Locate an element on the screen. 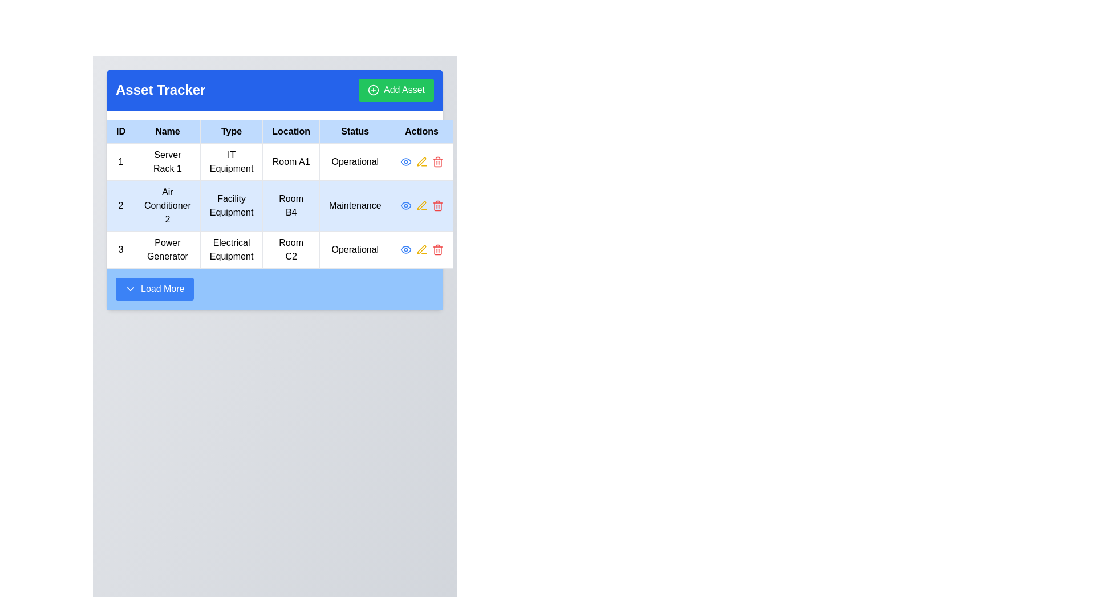 The image size is (1095, 616). the table cell containing the text '1' is located at coordinates (120, 162).